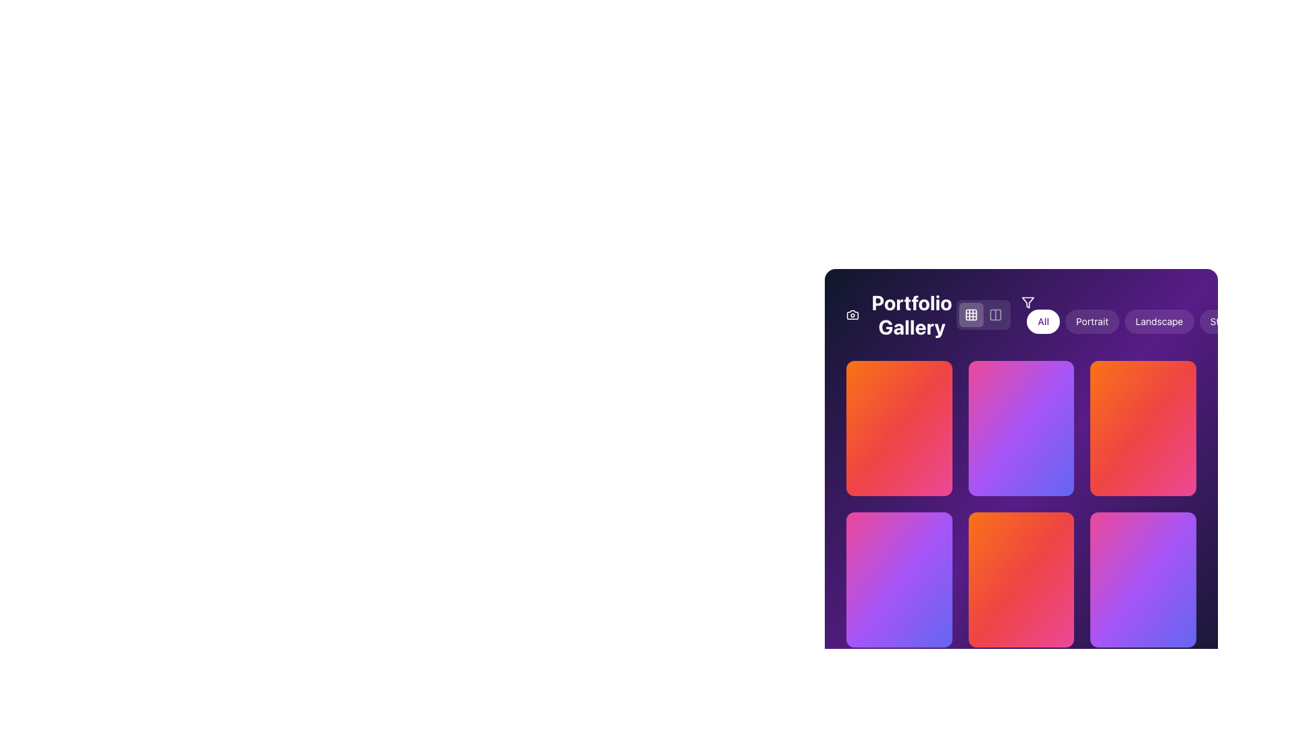 Image resolution: width=1297 pixels, height=730 pixels. I want to click on the filter button that toggles or applies the 'Portrait' view in the gallery, located between the 'All' and 'Landscape' buttons in the horizontal menu, so click(1092, 321).